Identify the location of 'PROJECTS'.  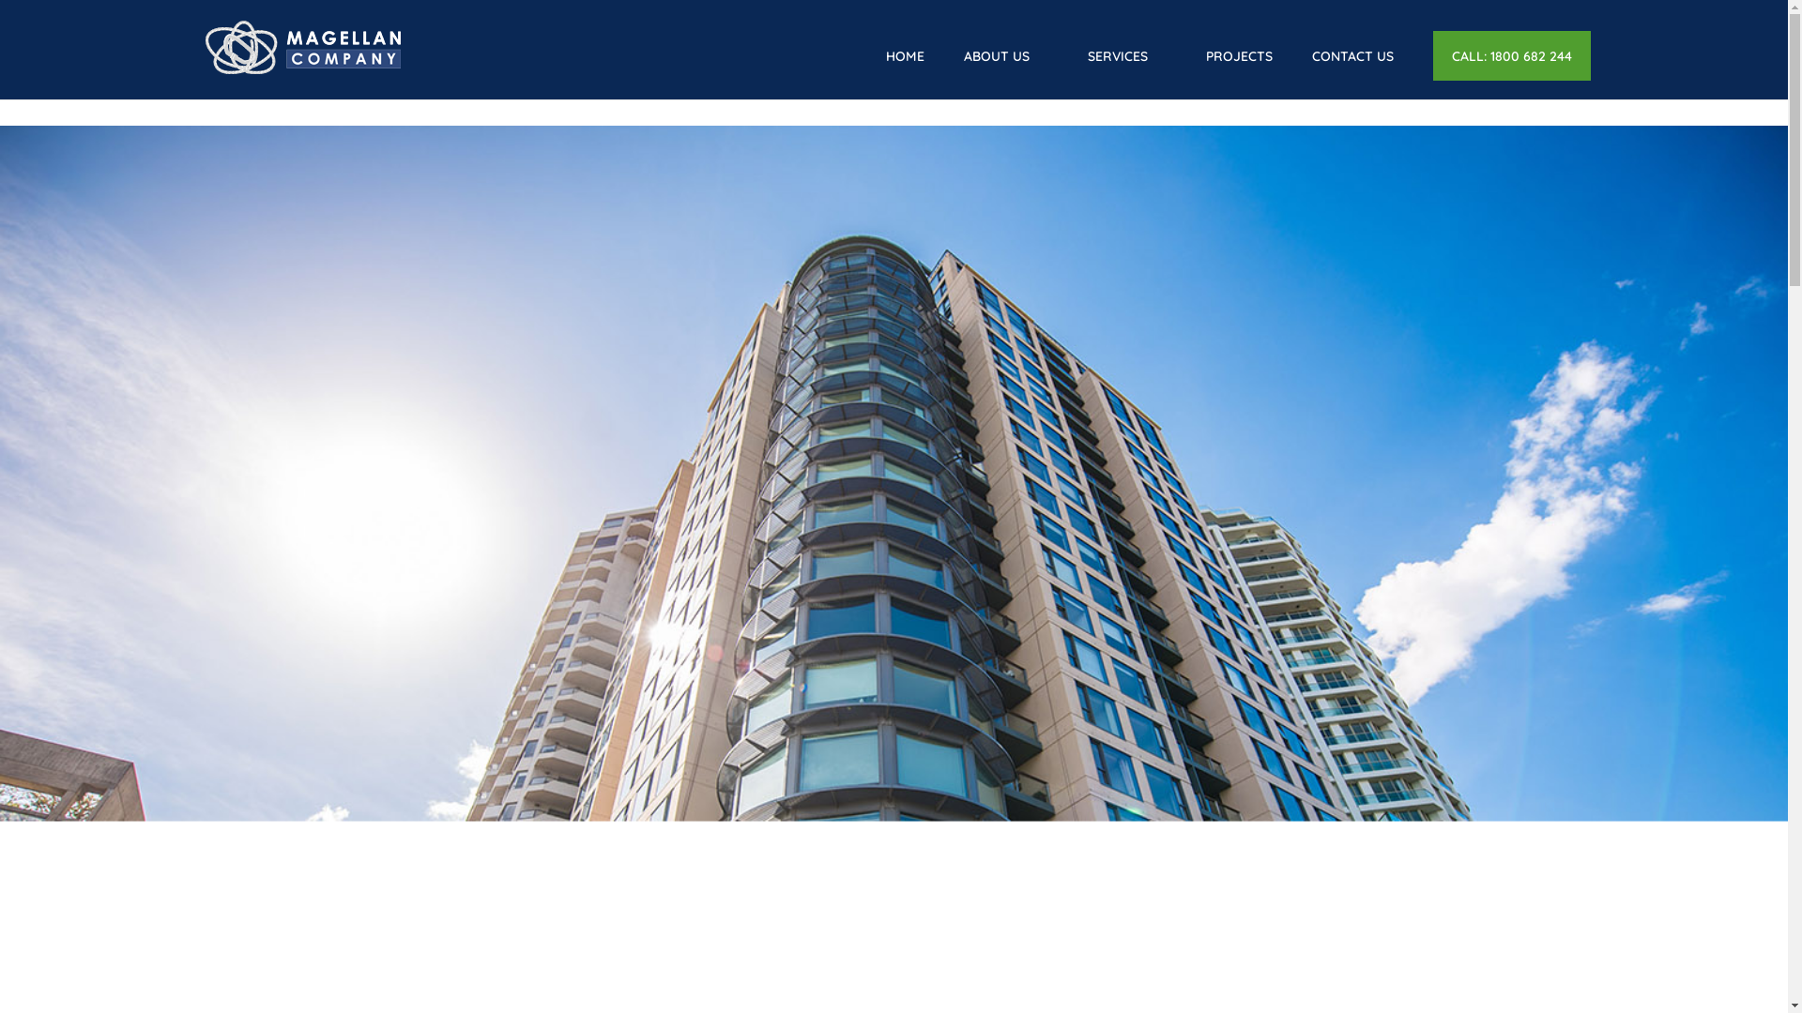
(1239, 70).